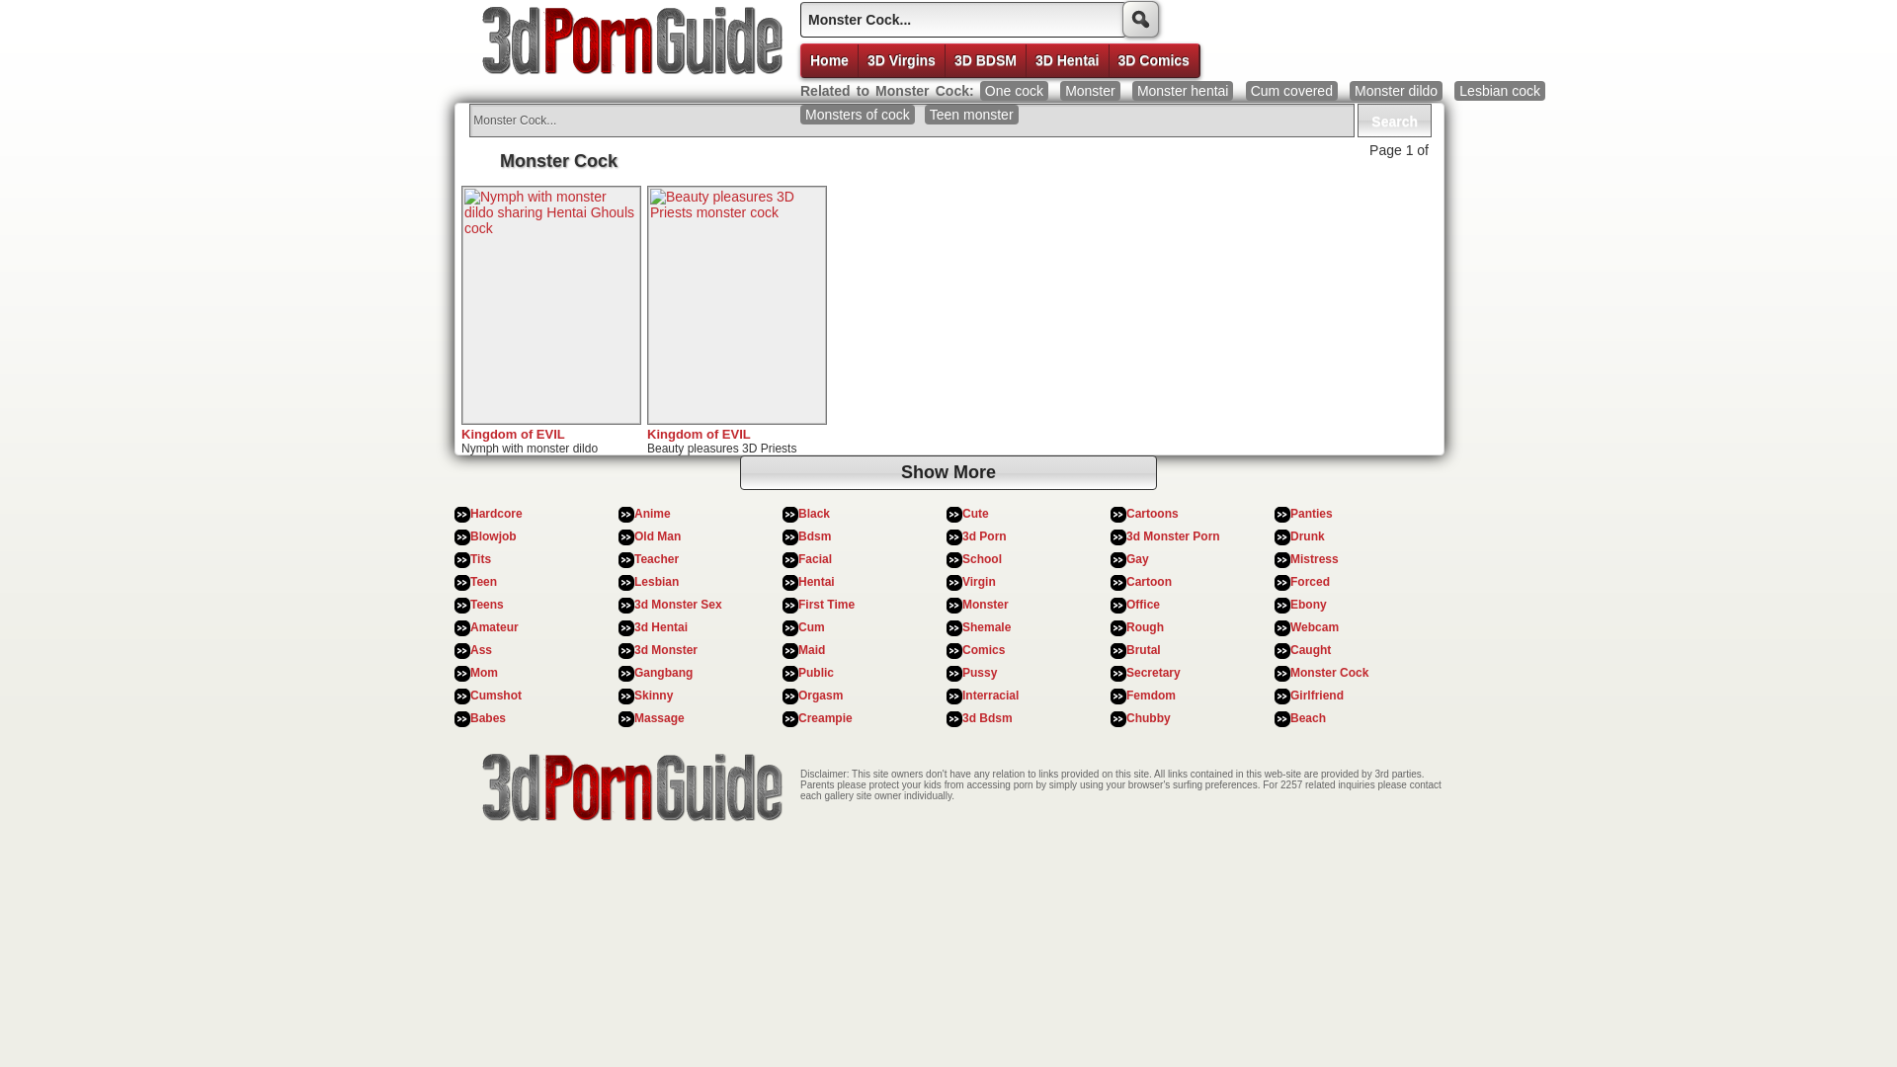  Describe the element at coordinates (825, 717) in the screenshot. I see `'Creampie'` at that location.